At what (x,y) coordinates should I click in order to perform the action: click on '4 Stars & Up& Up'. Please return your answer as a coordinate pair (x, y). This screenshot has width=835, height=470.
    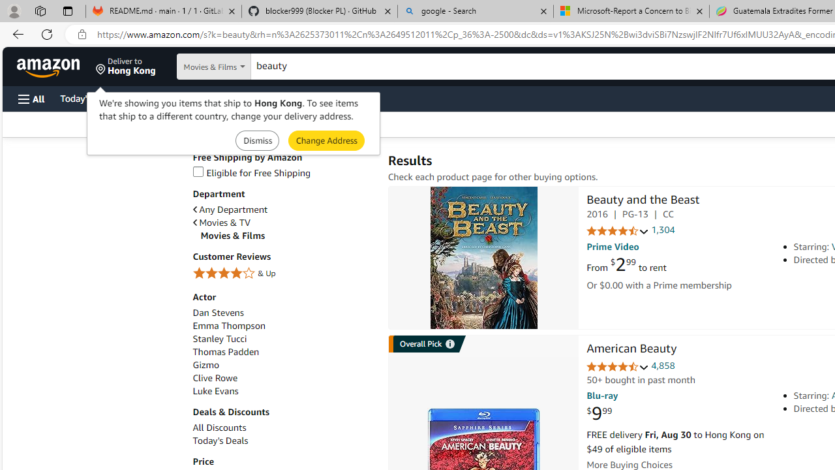
    Looking at the image, I should click on (282, 274).